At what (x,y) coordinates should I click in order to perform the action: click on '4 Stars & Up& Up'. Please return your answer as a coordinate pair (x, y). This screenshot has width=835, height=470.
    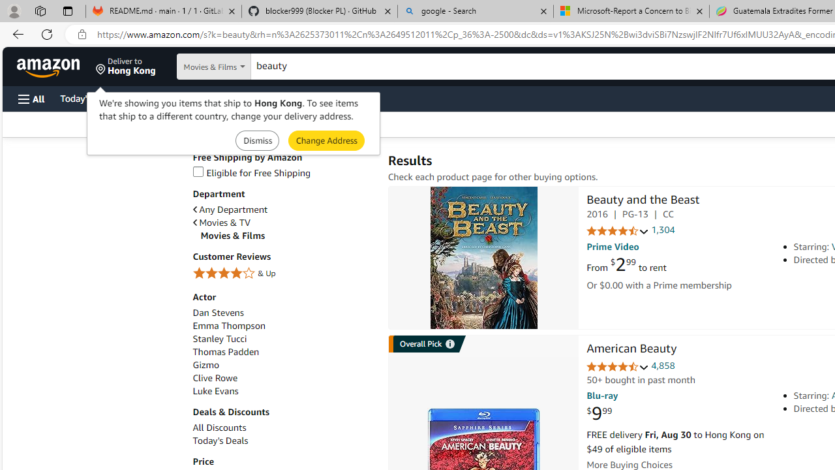
    Looking at the image, I should click on (282, 274).